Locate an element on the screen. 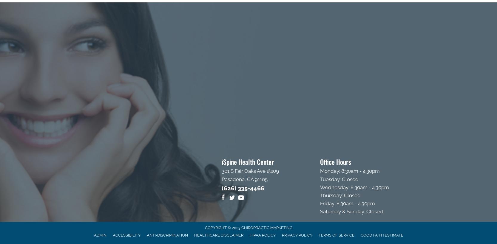 This screenshot has height=244, width=497. 'COPYRIGHT © 2023' is located at coordinates (204, 227).